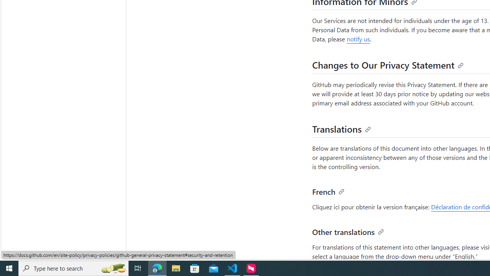 The width and height of the screenshot is (490, 276). Describe the element at coordinates (388, 64) in the screenshot. I see `'Changes to Our Privacy Statement'` at that location.